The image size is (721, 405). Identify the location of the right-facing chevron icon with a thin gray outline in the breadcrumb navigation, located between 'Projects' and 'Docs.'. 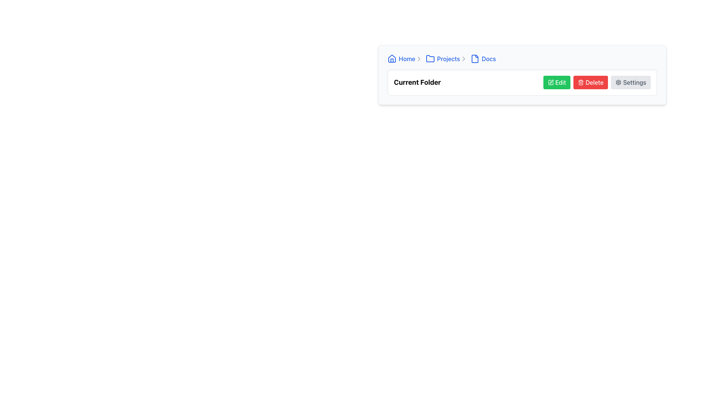
(463, 58).